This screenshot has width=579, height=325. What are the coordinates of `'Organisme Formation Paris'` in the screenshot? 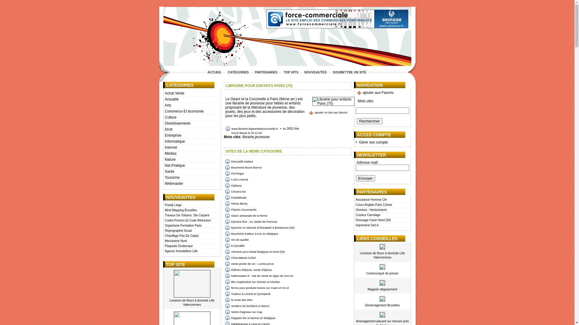 It's located at (191, 226).